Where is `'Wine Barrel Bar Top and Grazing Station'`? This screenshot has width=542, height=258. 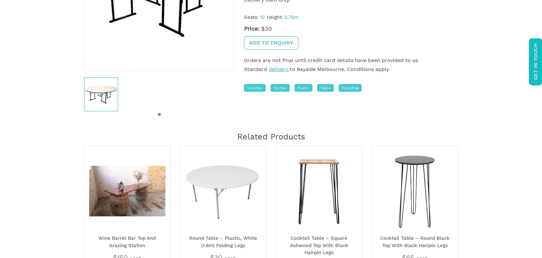 'Wine Barrel Bar Top and Grazing Station' is located at coordinates (98, 241).